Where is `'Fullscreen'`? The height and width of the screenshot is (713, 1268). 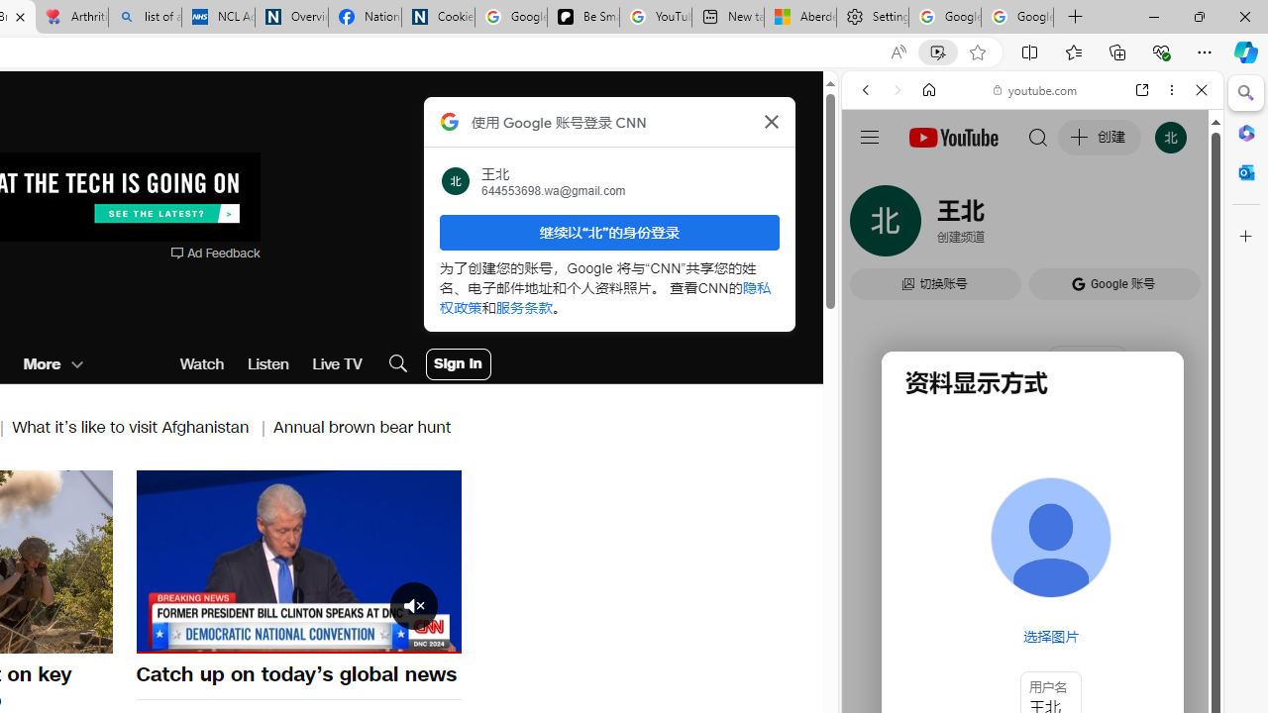
'Fullscreen' is located at coordinates (433, 637).